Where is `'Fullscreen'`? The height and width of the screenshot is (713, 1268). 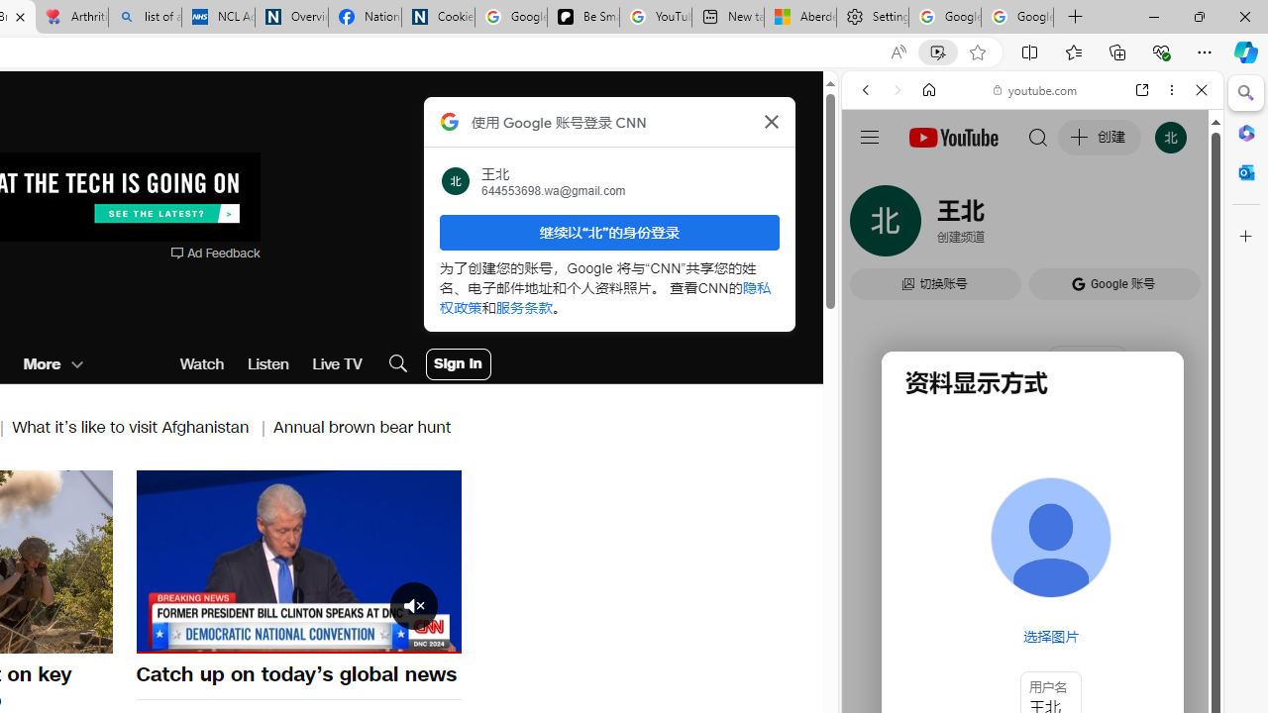
'Fullscreen' is located at coordinates (433, 637).